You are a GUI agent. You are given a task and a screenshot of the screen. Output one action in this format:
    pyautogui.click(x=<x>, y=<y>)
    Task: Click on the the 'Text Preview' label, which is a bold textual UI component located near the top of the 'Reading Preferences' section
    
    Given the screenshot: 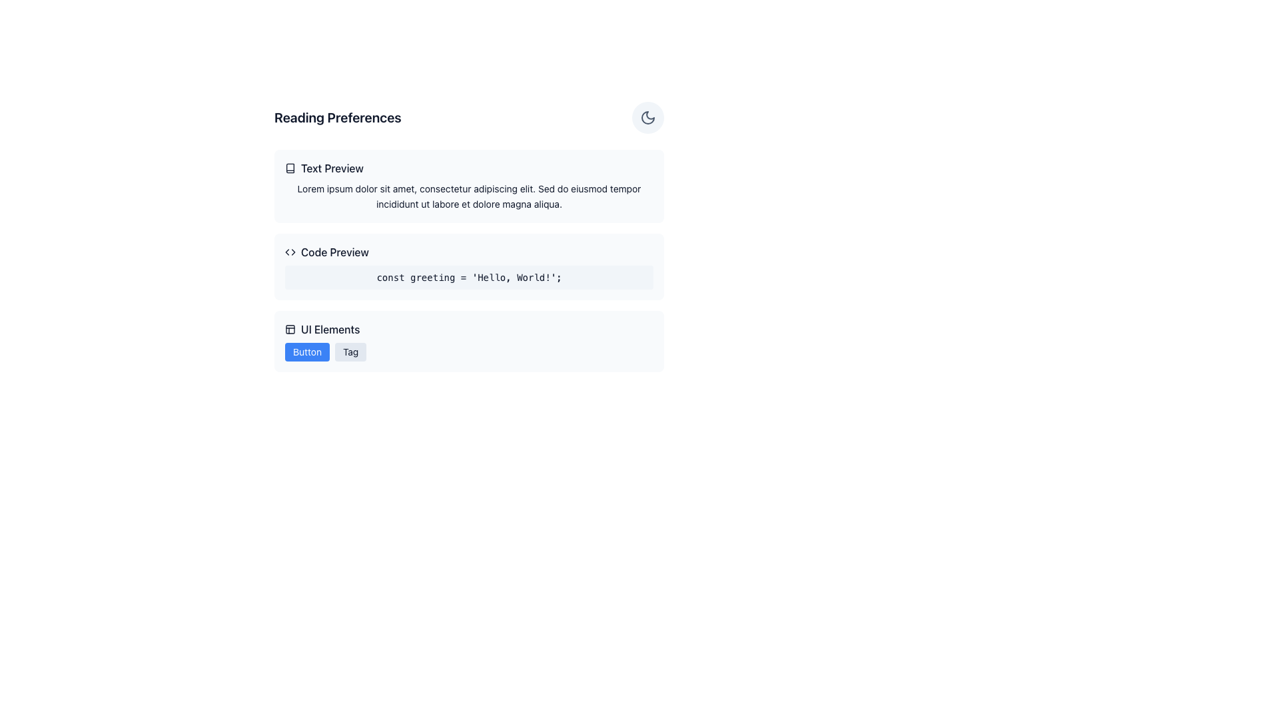 What is the action you would take?
    pyautogui.click(x=332, y=168)
    